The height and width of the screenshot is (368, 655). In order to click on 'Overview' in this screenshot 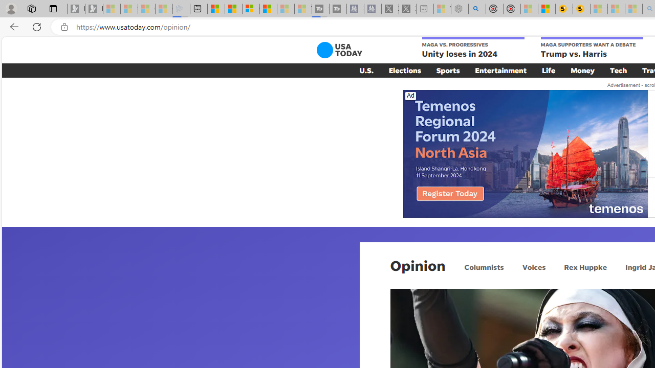, I will do `click(251, 9)`.